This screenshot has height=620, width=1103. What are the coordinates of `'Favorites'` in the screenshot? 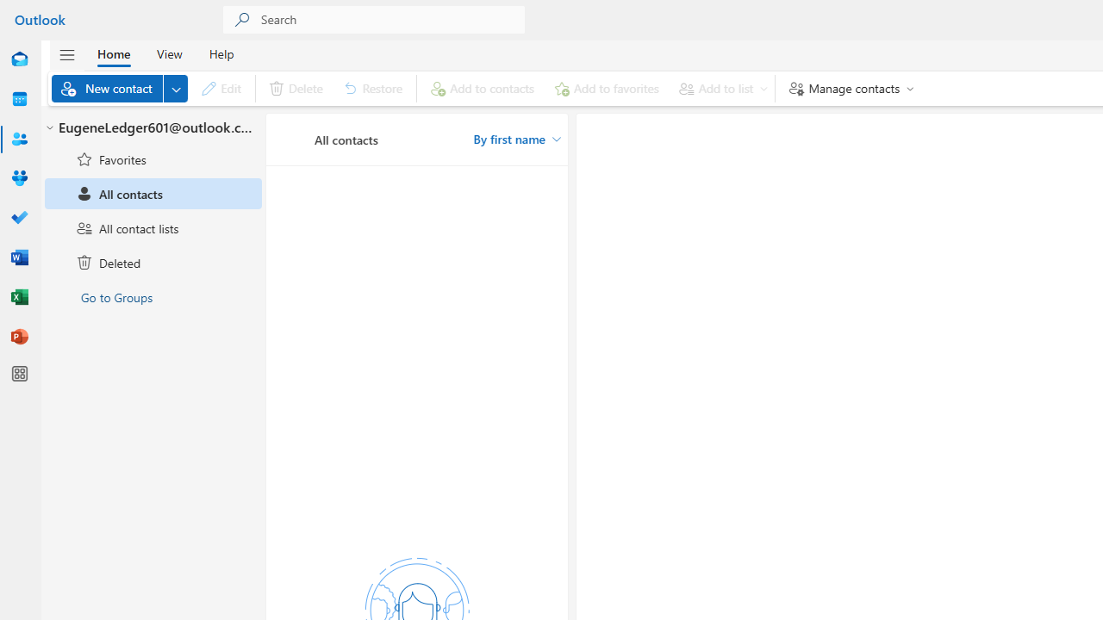 It's located at (153, 159).